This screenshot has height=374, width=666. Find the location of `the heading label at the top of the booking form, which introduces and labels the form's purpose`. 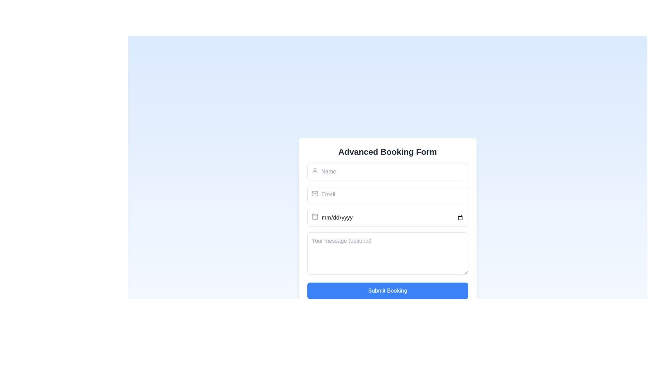

the heading label at the top of the booking form, which introduces and labels the form's purpose is located at coordinates (387, 151).